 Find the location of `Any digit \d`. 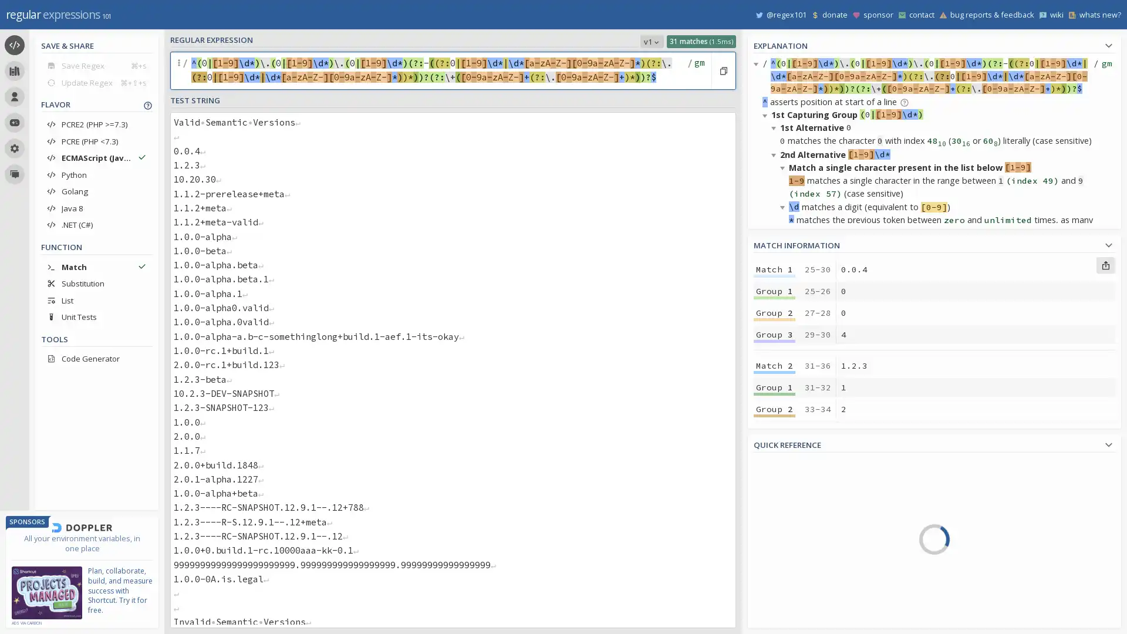

Any digit \d is located at coordinates (993, 615).